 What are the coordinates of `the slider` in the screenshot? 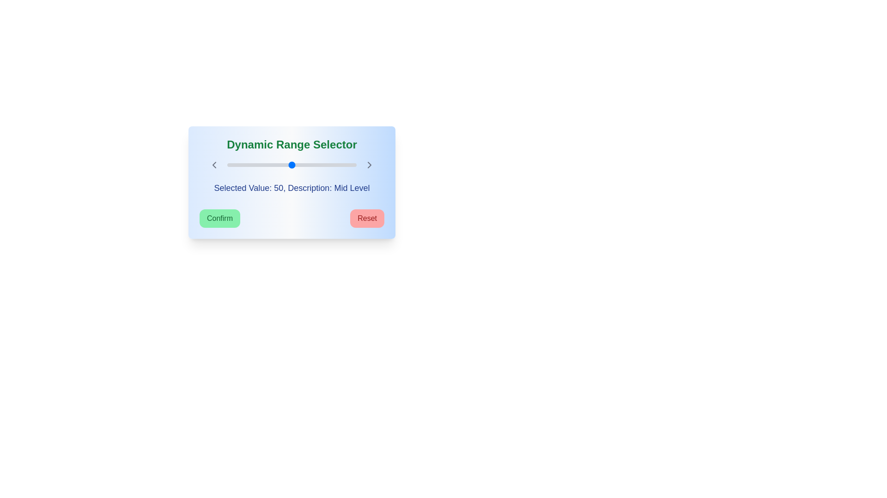 It's located at (243, 165).